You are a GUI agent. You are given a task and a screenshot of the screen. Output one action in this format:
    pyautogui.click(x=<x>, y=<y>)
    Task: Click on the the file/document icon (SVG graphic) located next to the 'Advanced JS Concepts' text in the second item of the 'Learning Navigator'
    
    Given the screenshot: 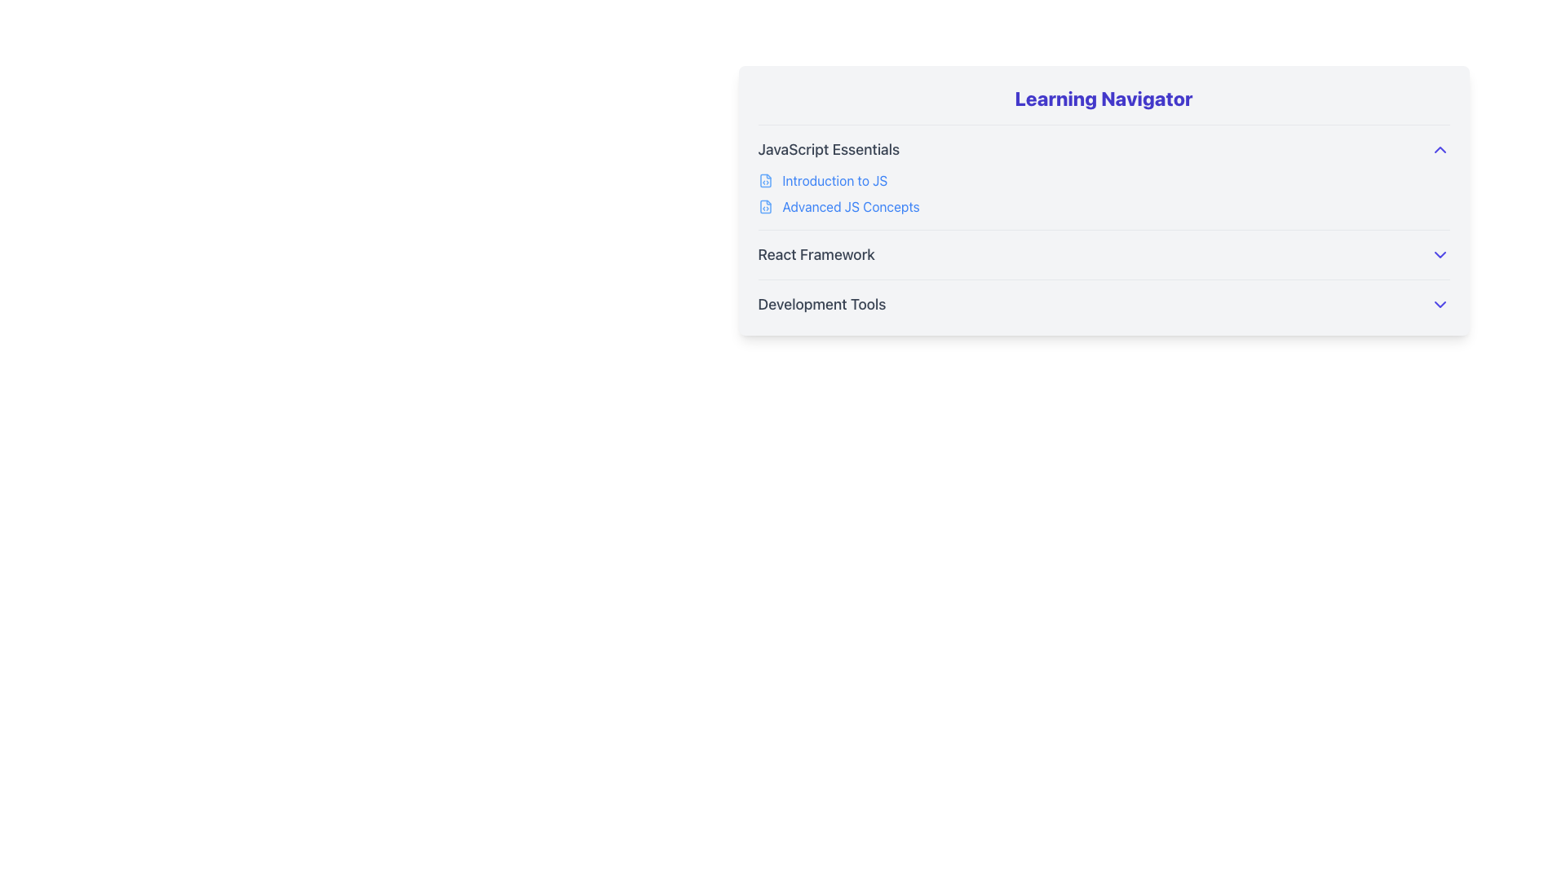 What is the action you would take?
    pyautogui.click(x=764, y=206)
    